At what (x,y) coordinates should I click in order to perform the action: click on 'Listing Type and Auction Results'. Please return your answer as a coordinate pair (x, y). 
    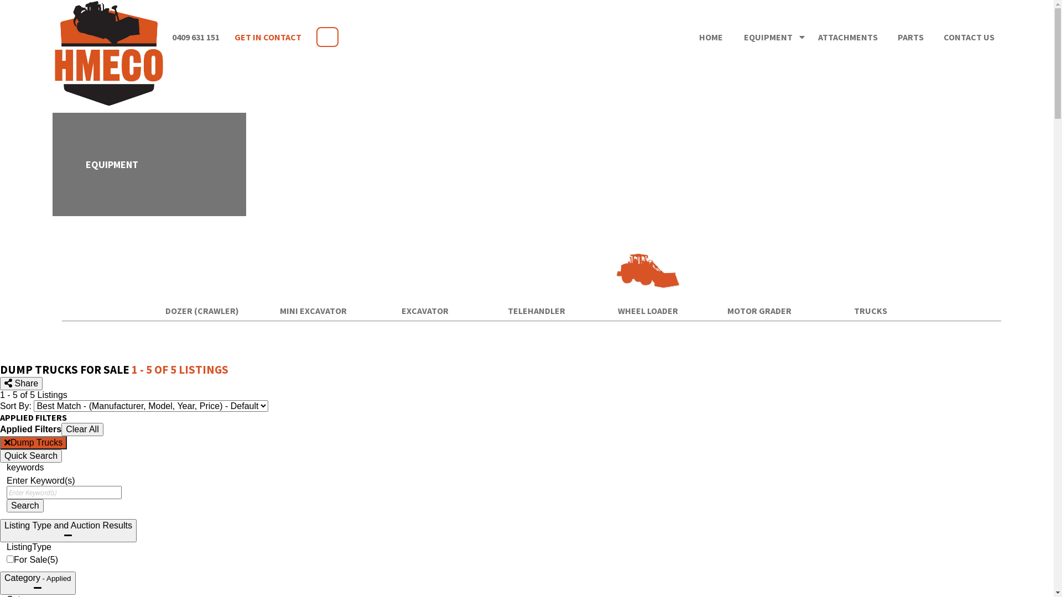
    Looking at the image, I should click on (67, 530).